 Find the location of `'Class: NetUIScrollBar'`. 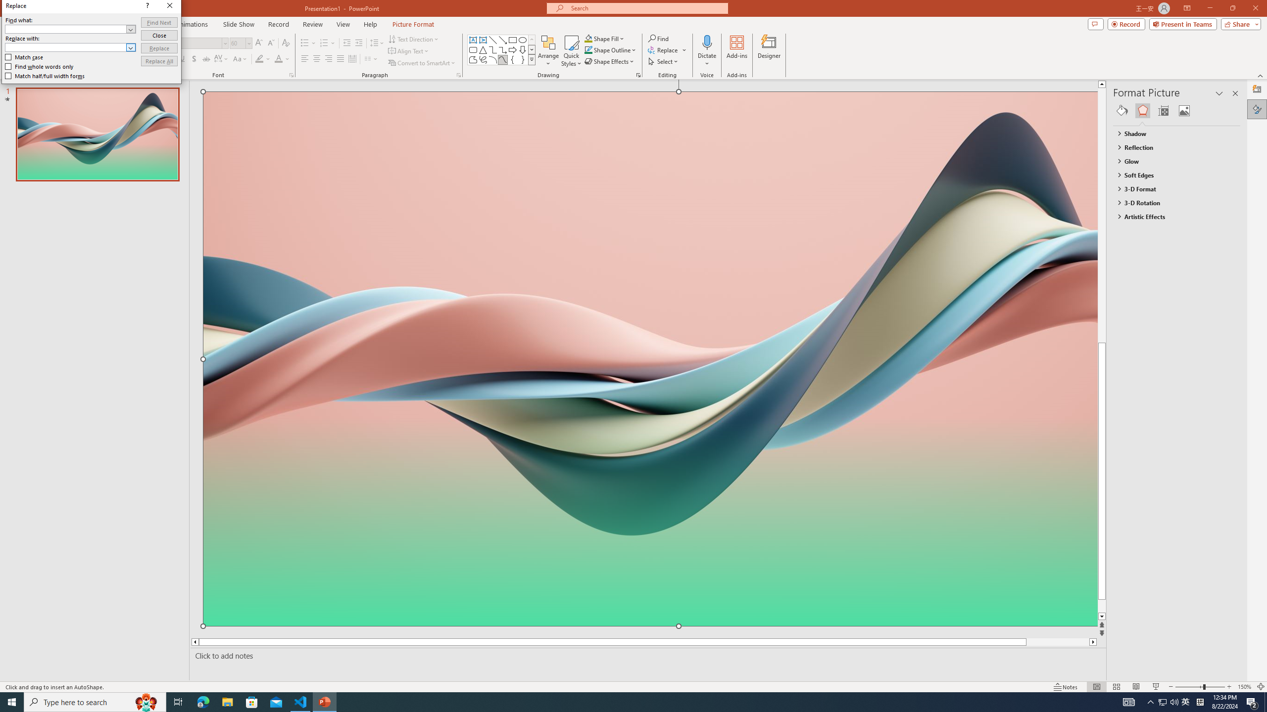

'Class: NetUIScrollBar' is located at coordinates (1235, 400).